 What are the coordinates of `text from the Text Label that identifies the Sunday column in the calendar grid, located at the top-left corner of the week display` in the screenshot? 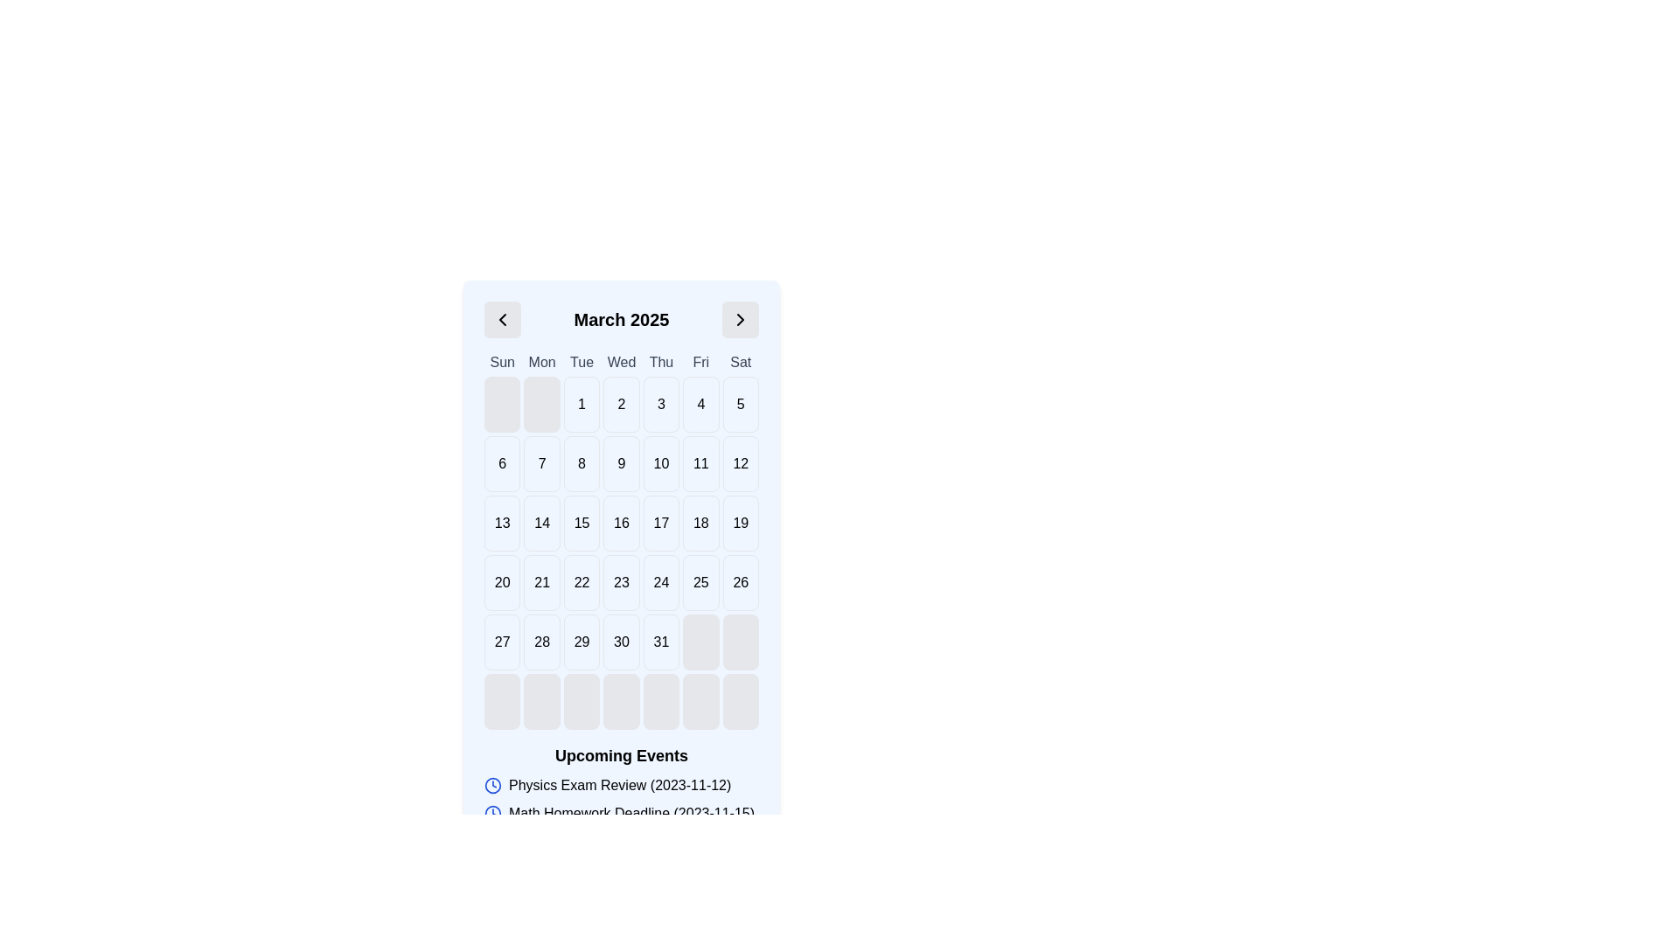 It's located at (501, 362).